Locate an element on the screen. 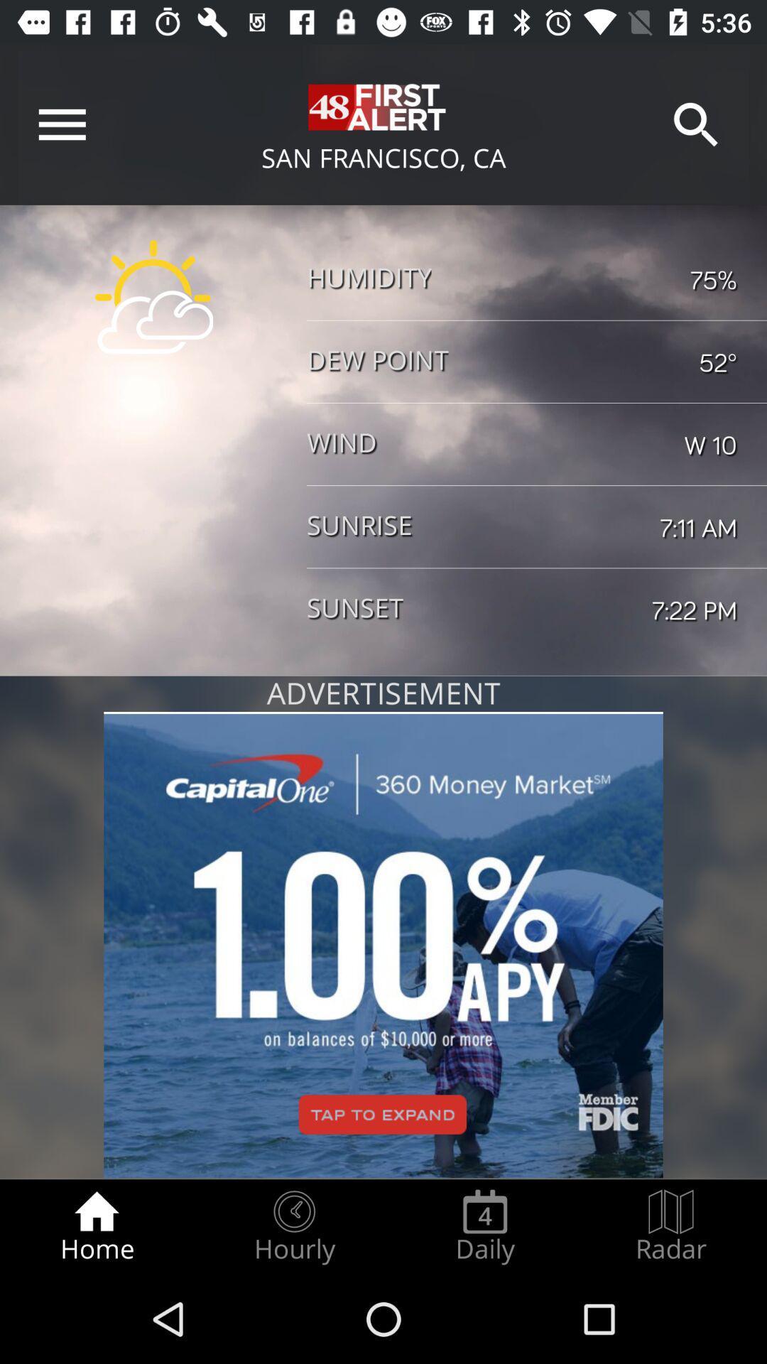 The image size is (767, 1364). the icon next to the home item is located at coordinates (293, 1226).